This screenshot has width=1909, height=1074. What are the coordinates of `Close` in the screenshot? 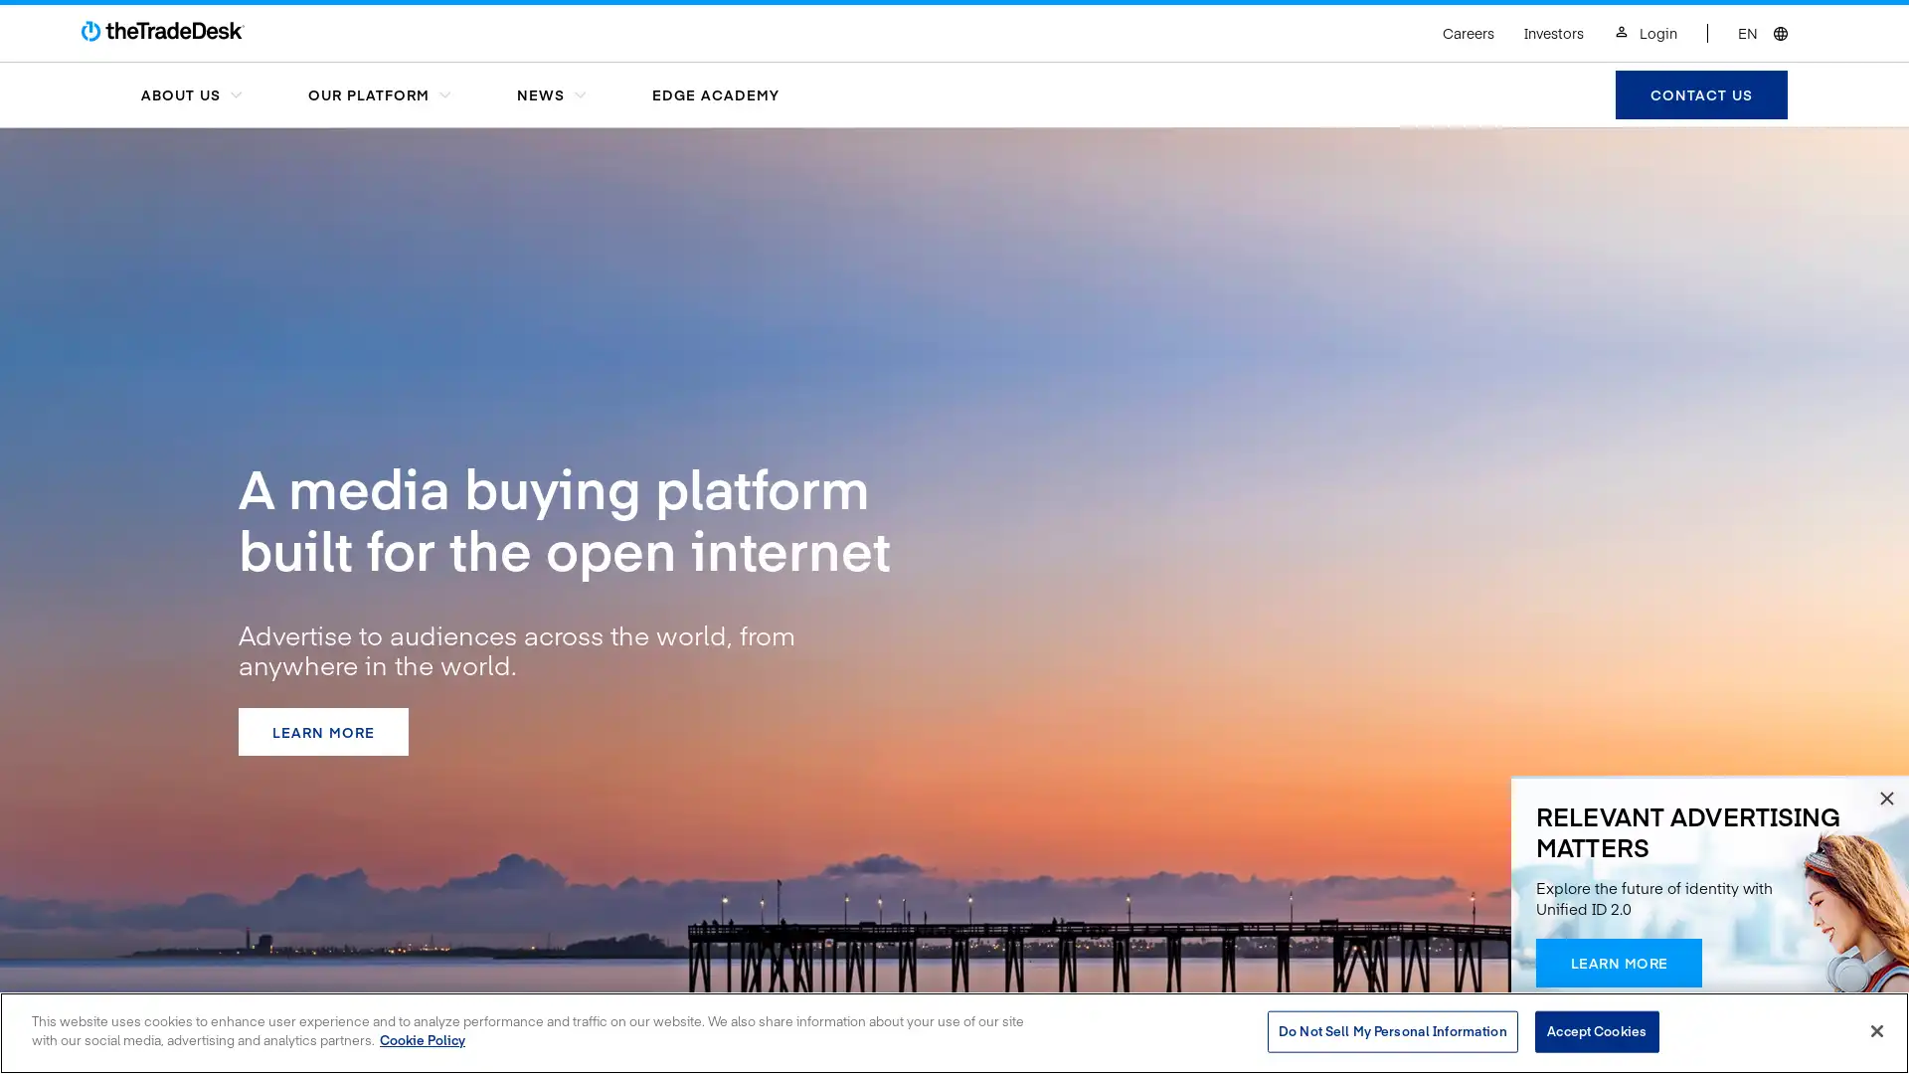 It's located at (1875, 1029).